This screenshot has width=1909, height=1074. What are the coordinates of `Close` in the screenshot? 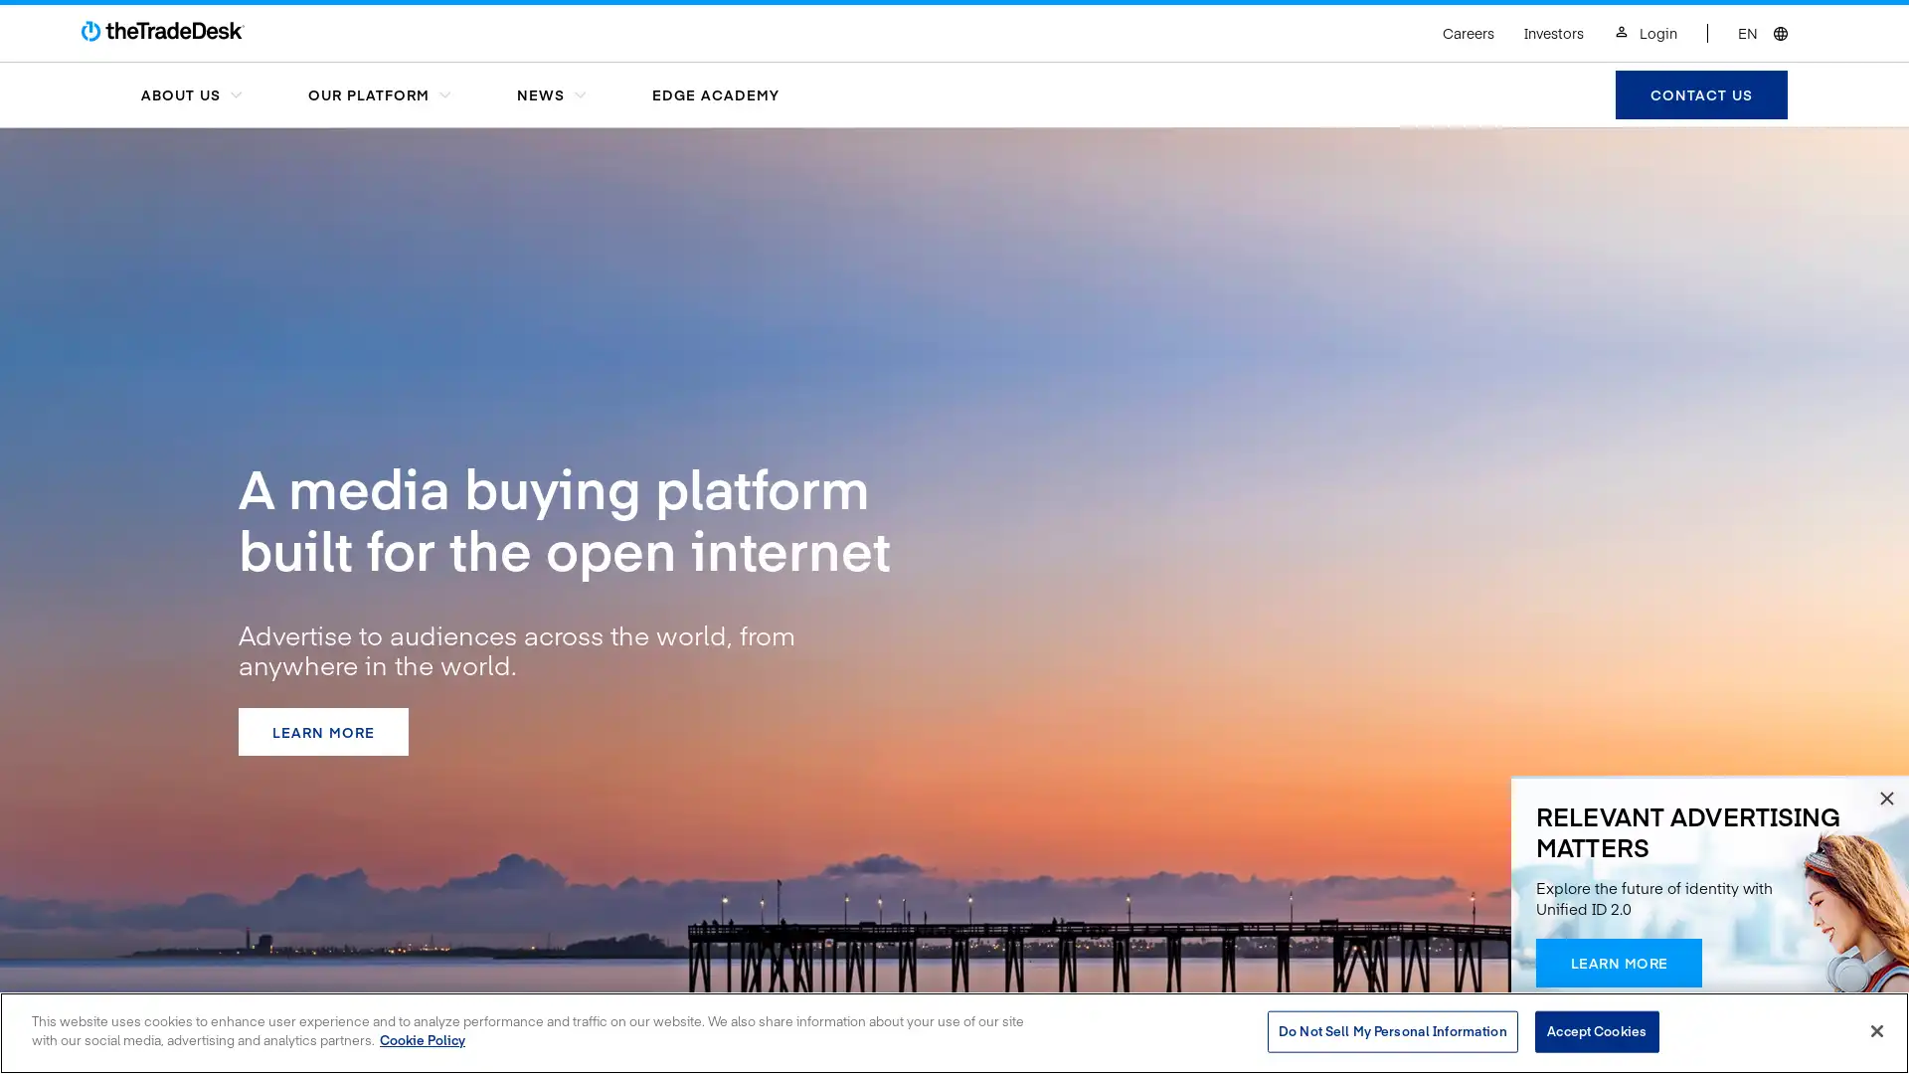 It's located at (1875, 1029).